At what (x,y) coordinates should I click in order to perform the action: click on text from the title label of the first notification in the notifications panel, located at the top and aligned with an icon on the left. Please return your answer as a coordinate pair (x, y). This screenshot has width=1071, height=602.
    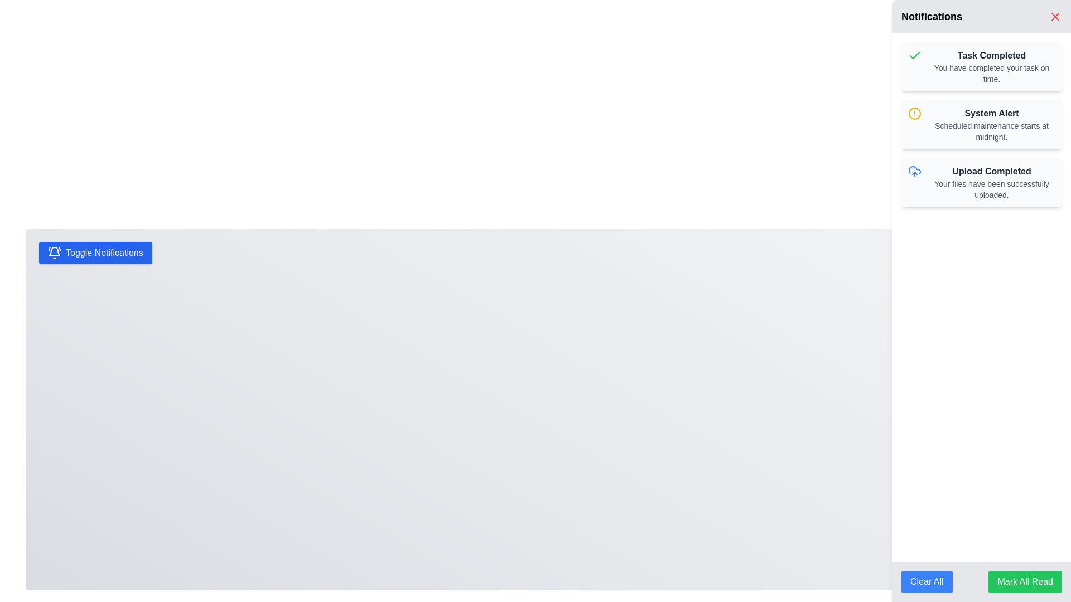
    Looking at the image, I should click on (991, 56).